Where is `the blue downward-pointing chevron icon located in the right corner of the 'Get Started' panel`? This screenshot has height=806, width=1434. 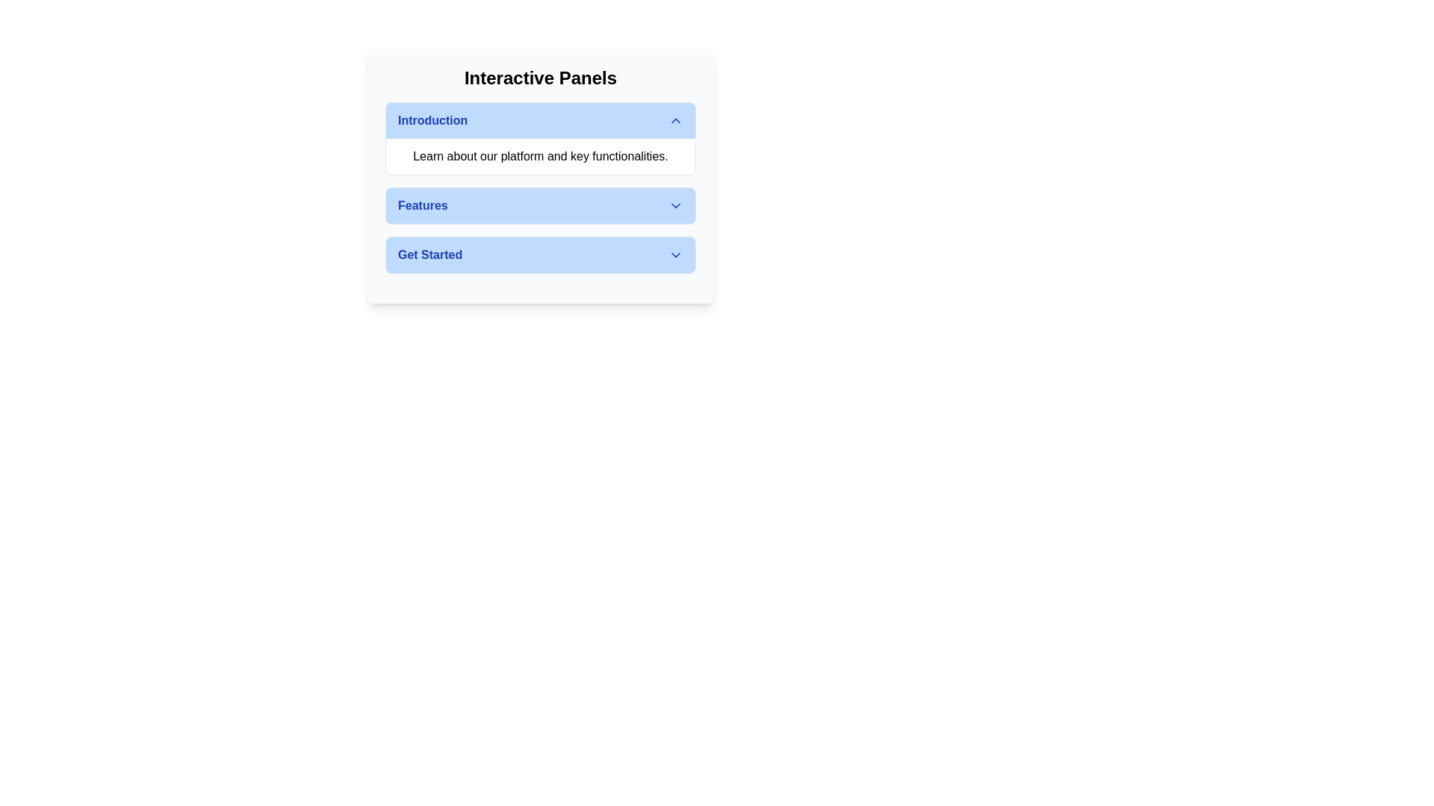
the blue downward-pointing chevron icon located in the right corner of the 'Get Started' panel is located at coordinates (675, 254).